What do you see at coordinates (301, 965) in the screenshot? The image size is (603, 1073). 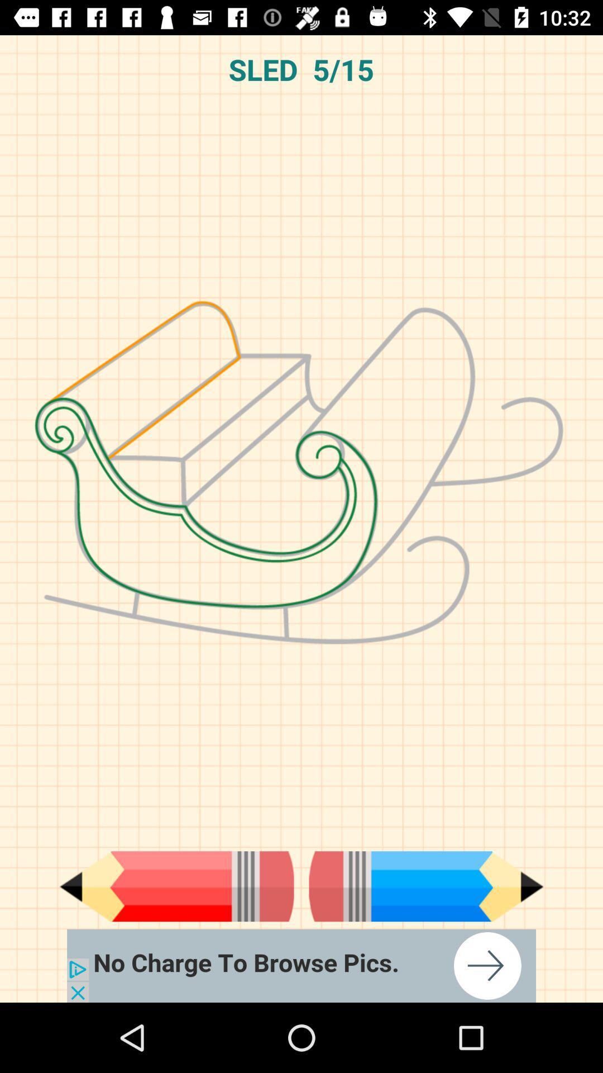 I see `advertisement link` at bounding box center [301, 965].